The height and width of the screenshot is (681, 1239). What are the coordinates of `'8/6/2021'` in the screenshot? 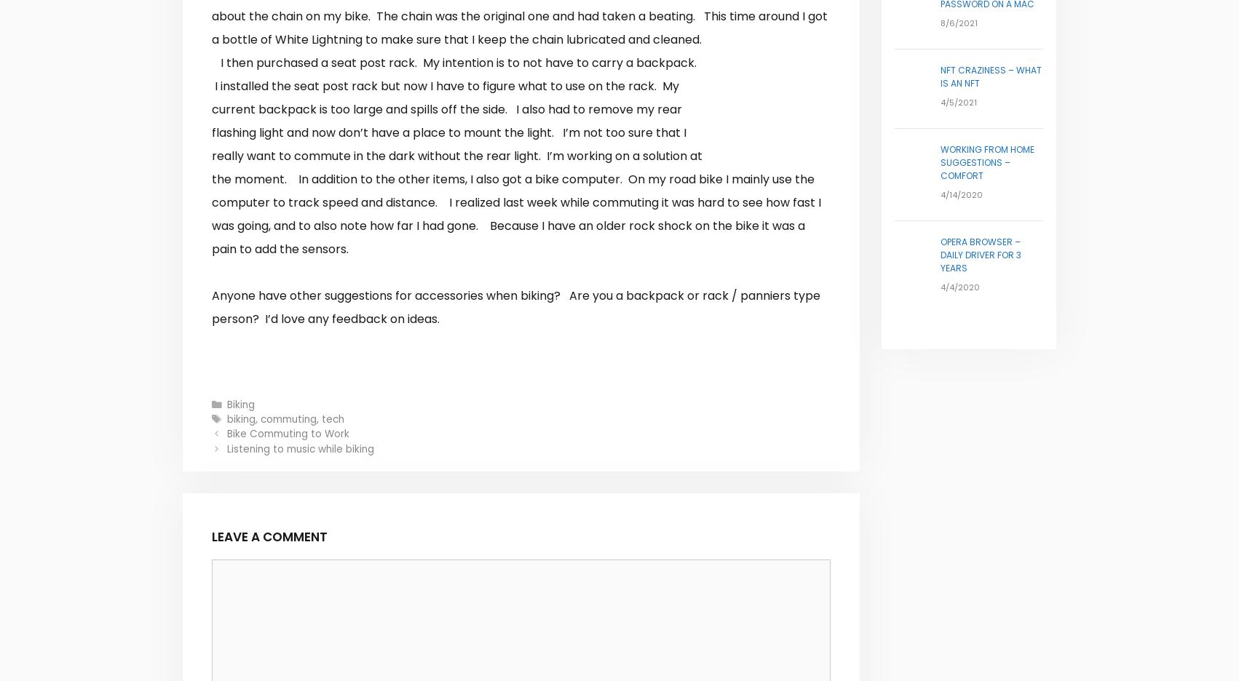 It's located at (939, 21).